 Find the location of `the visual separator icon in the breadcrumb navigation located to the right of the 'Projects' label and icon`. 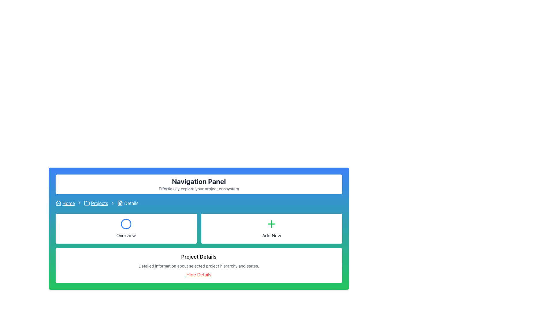

the visual separator icon in the breadcrumb navigation located to the right of the 'Projects' label and icon is located at coordinates (113, 203).